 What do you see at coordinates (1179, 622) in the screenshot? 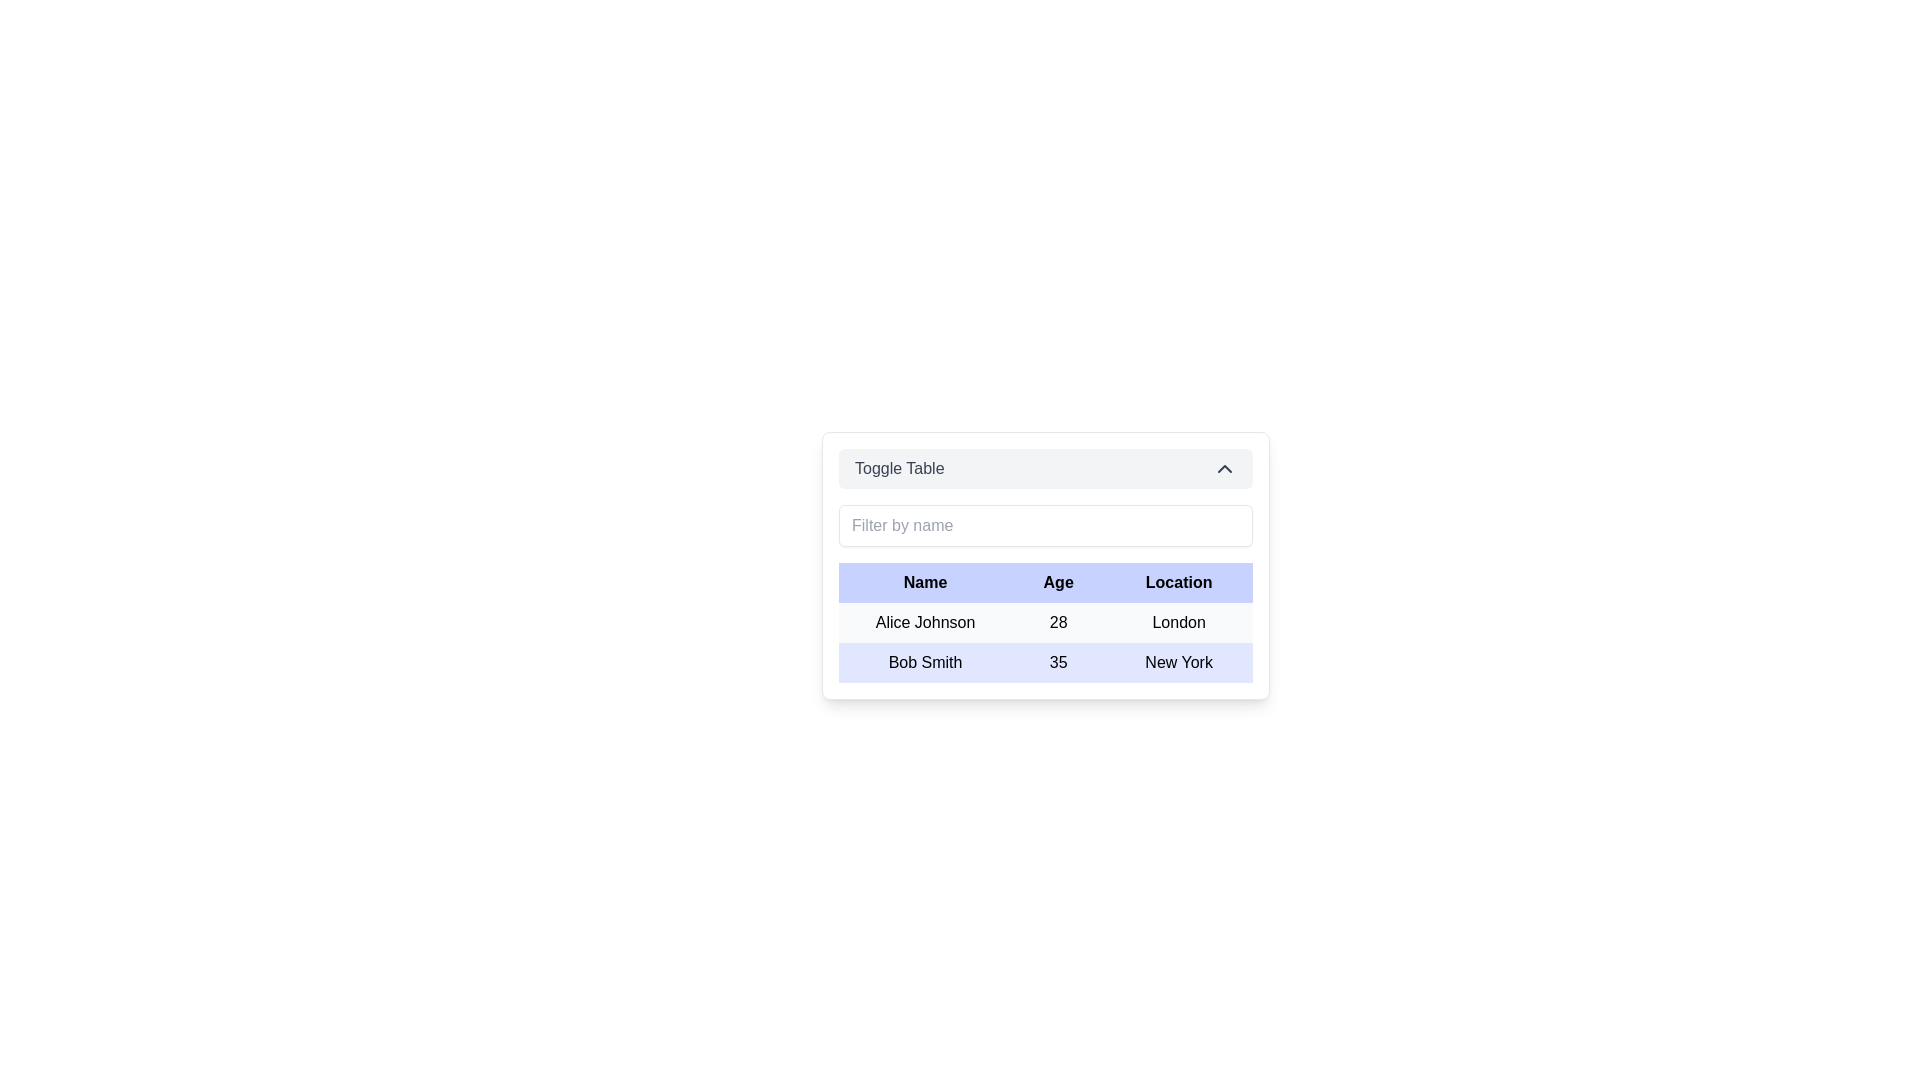
I see `the text element displaying 'London' in the 'Location' column of the table, which is aligned to the left and associated with 'Alice Johnson' and age '28'` at bounding box center [1179, 622].